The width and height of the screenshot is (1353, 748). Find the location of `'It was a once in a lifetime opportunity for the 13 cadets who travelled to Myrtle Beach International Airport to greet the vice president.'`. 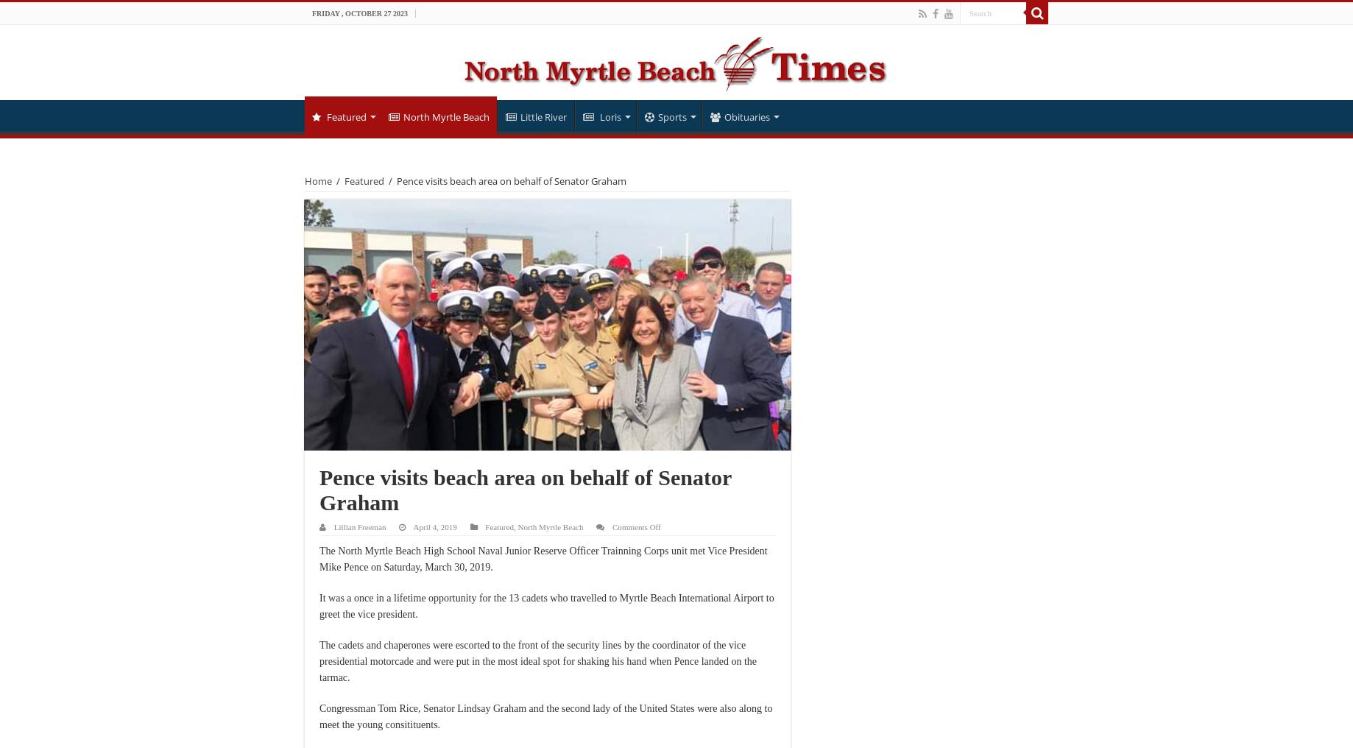

'It was a once in a lifetime opportunity for the 13 cadets who travelled to Myrtle Beach International Airport to greet the vice president.' is located at coordinates (546, 604).